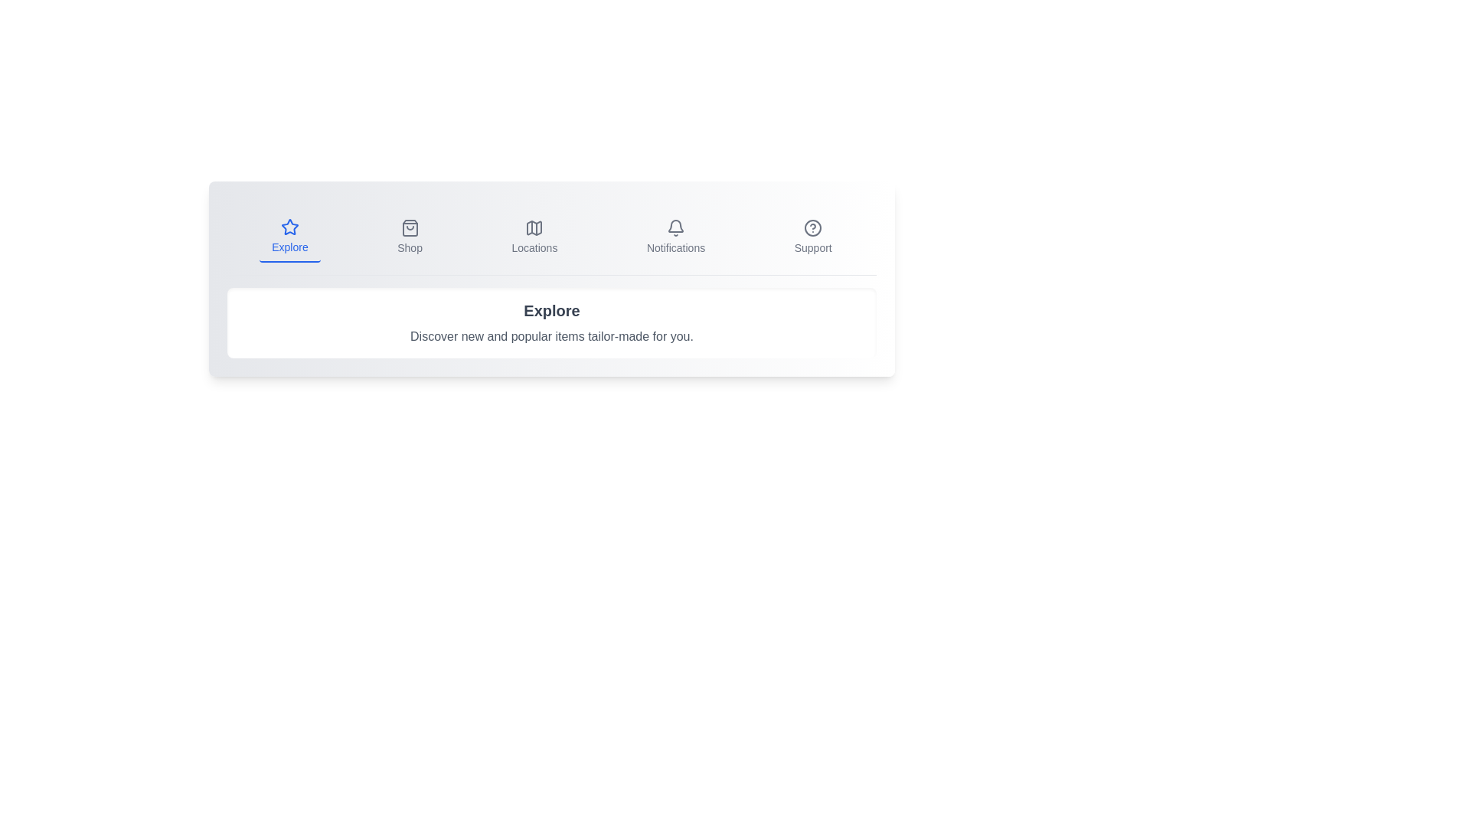 The image size is (1470, 827). What do you see at coordinates (812, 237) in the screenshot?
I see `the 'Support' button, which is a circular icon with a question mark and a label below it, located at the far-right end of the top navigation bar` at bounding box center [812, 237].